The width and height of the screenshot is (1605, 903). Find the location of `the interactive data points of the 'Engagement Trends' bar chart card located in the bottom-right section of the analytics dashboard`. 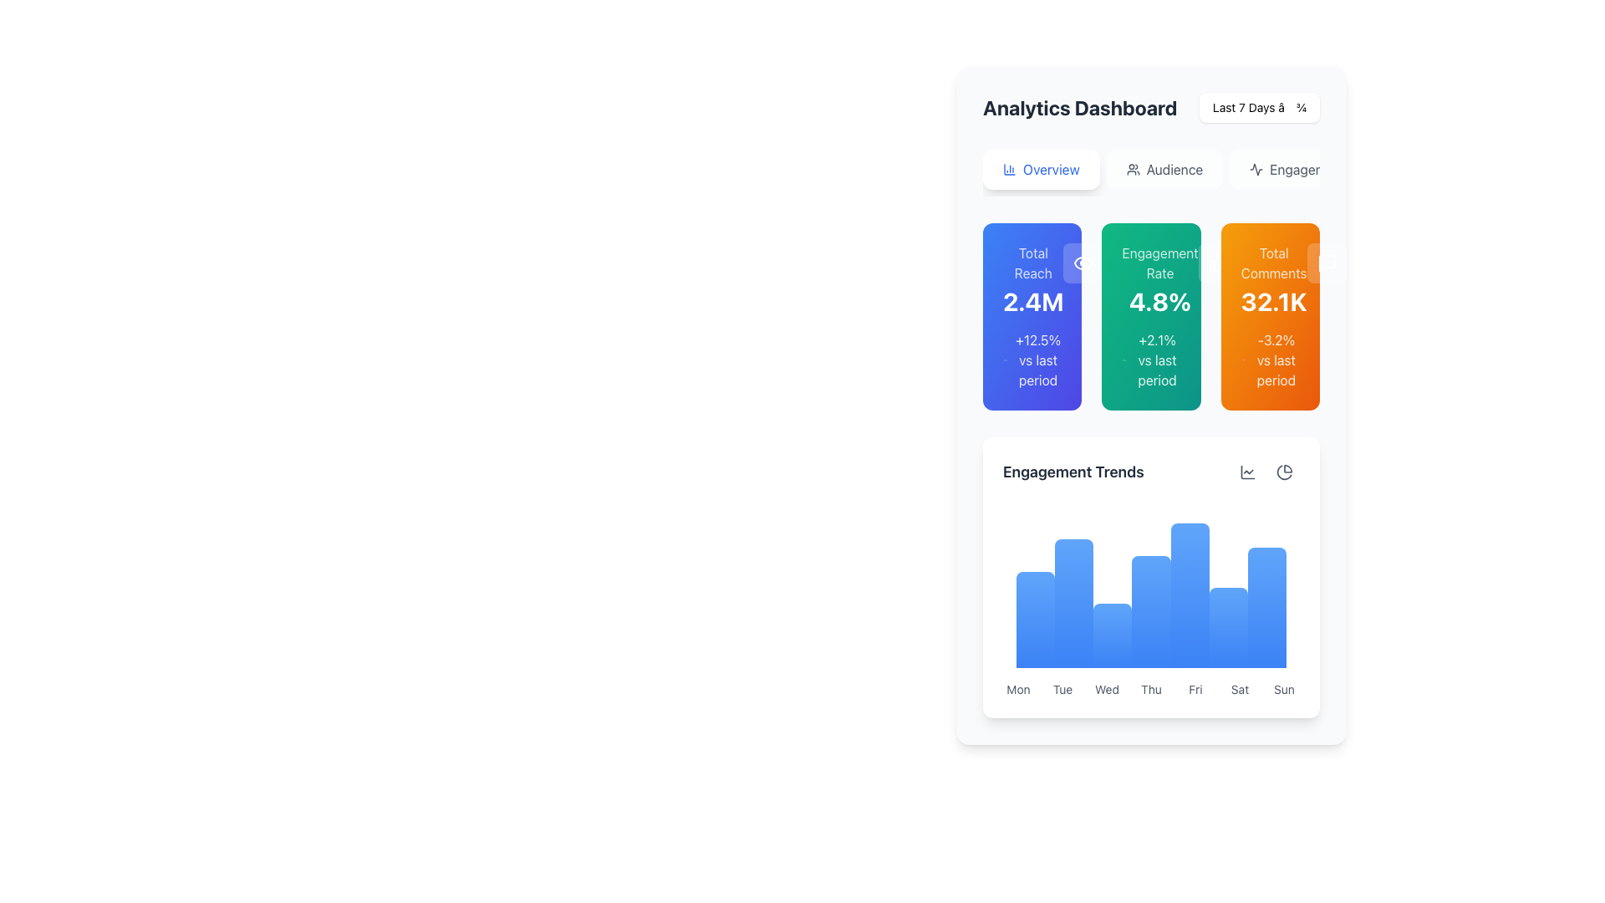

the interactive data points of the 'Engagement Trends' bar chart card located in the bottom-right section of the analytics dashboard is located at coordinates (1150, 576).